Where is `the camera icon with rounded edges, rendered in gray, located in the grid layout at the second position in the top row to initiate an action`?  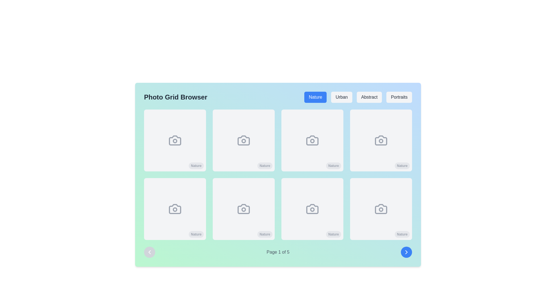 the camera icon with rounded edges, rendered in gray, located in the grid layout at the second position in the top row to initiate an action is located at coordinates (244, 140).